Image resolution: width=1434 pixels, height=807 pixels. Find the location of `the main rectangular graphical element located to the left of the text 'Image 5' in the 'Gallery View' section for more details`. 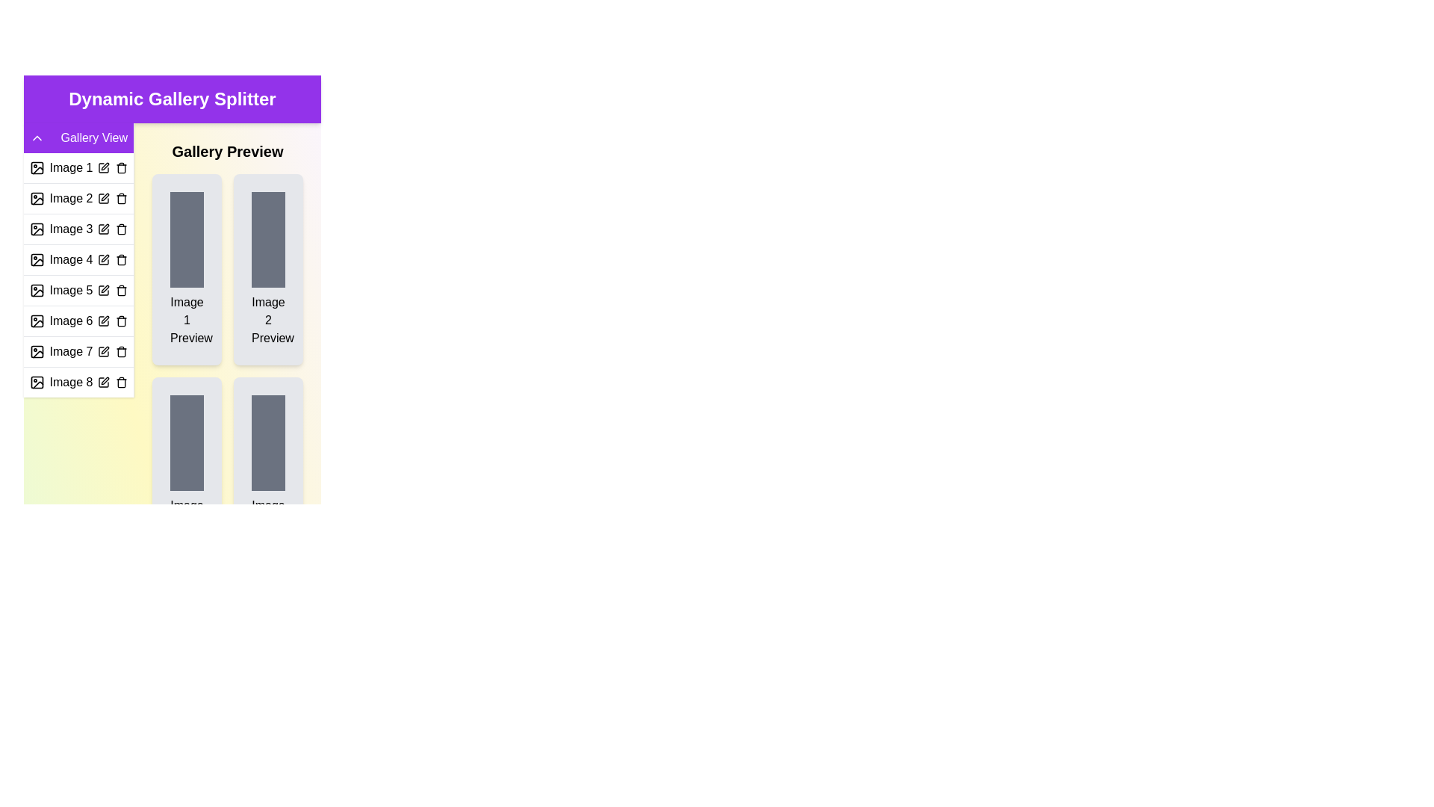

the main rectangular graphical element located to the left of the text 'Image 5' in the 'Gallery View' section for more details is located at coordinates (37, 291).